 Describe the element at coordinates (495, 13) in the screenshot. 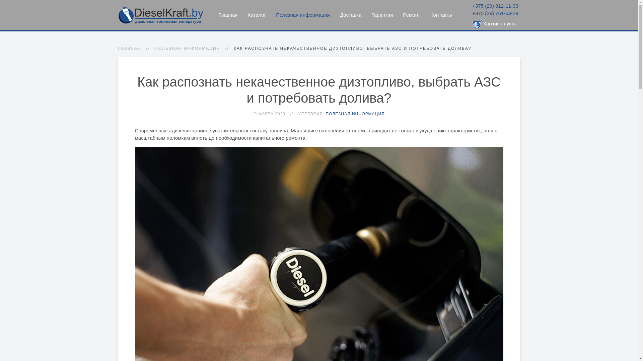

I see `'+375 (29) 761-63-29'` at that location.